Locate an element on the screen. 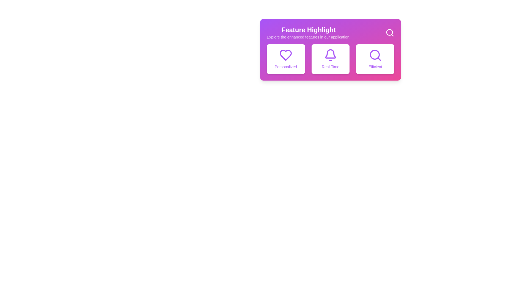 The image size is (528, 297). the contents of the 'Real-Time' feature card, which is positioned in the middle column of the grid layout between the 'Personalized' and 'Efficient' cards is located at coordinates (330, 59).